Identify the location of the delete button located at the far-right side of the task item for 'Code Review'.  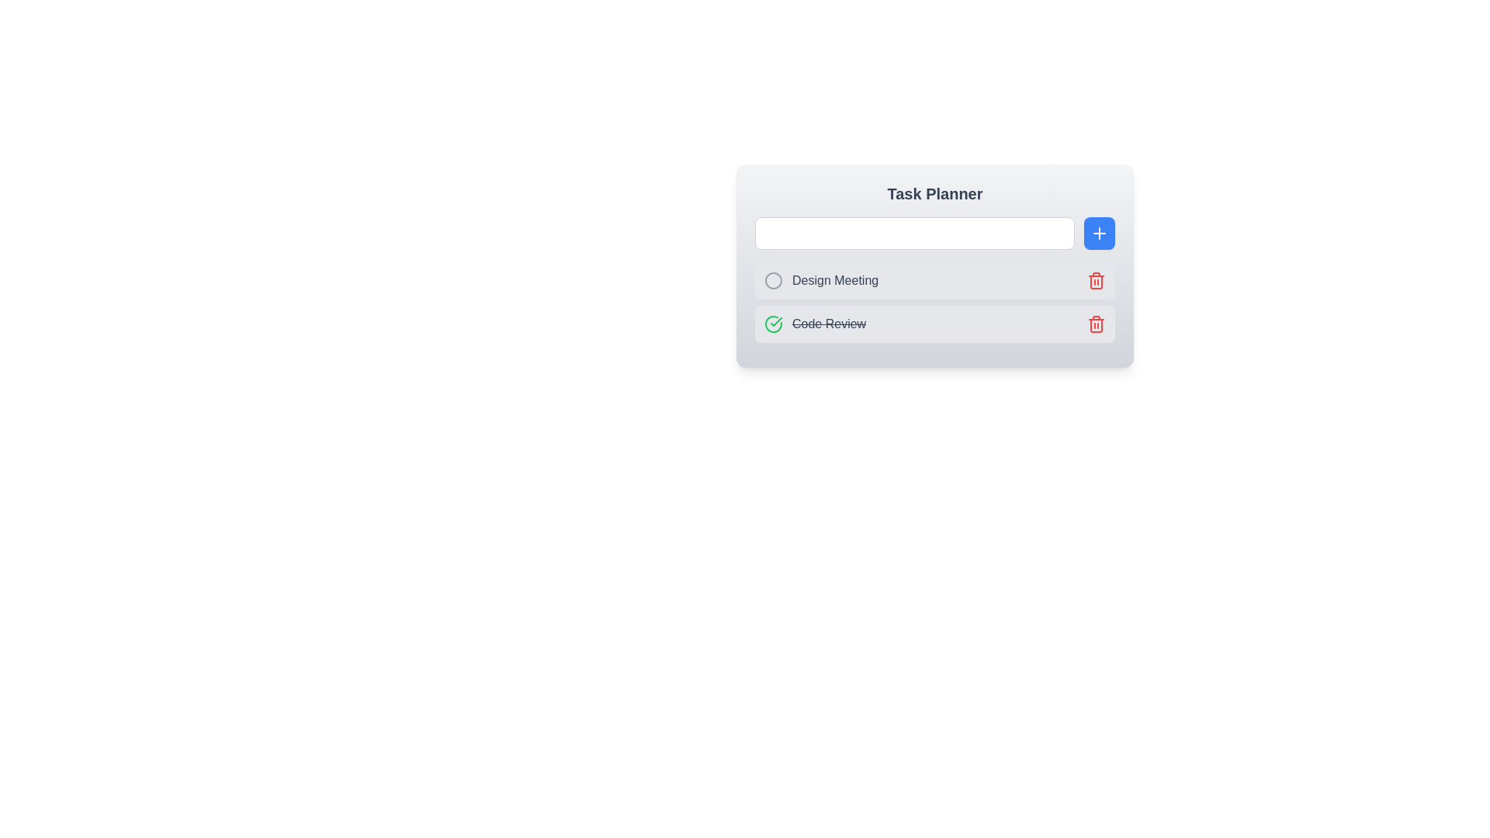
(1090, 323).